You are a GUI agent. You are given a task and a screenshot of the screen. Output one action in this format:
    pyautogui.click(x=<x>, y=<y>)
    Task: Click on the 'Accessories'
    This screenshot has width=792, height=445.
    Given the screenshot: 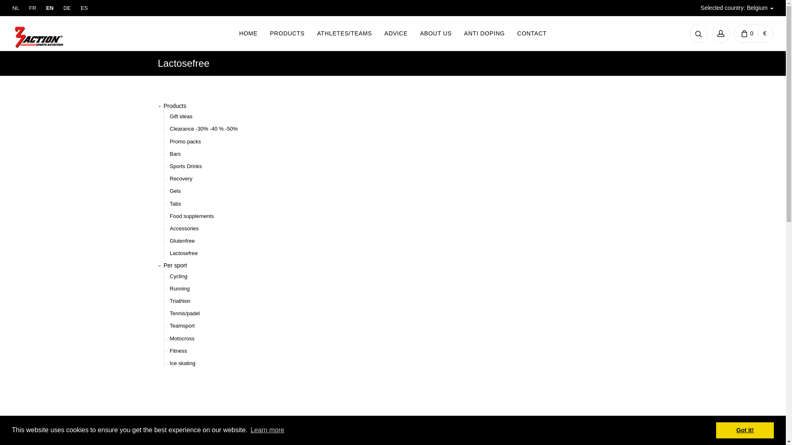 What is the action you would take?
    pyautogui.click(x=184, y=228)
    